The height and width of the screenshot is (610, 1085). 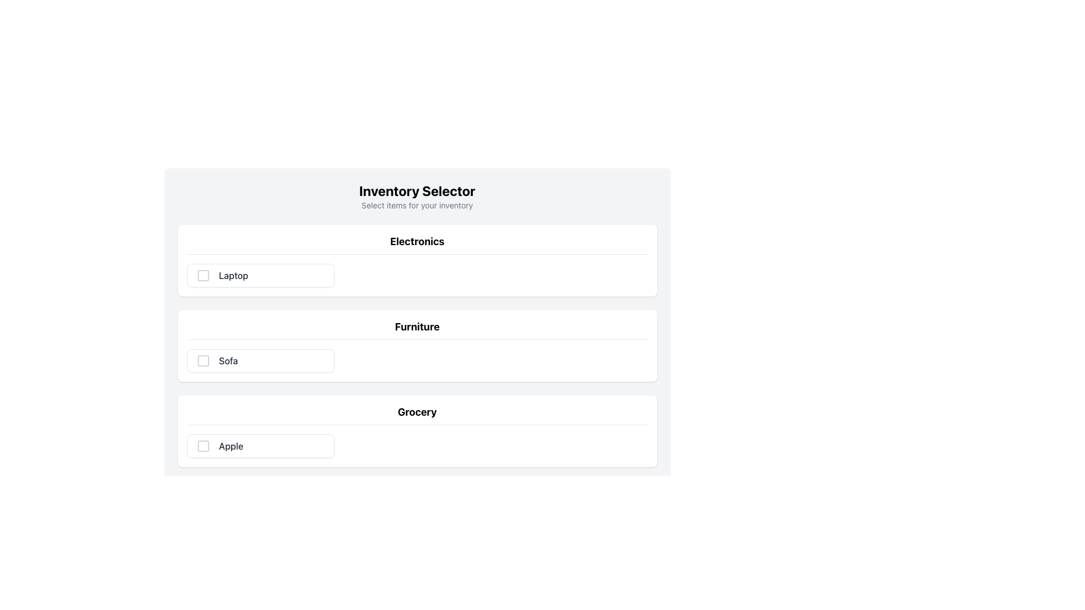 I want to click on the small square Decorative SVG subcomponent with a light gray border located within the 'Furniture' group of the Inventory Selector interface, next to the 'Sofa' label, so click(x=203, y=361).